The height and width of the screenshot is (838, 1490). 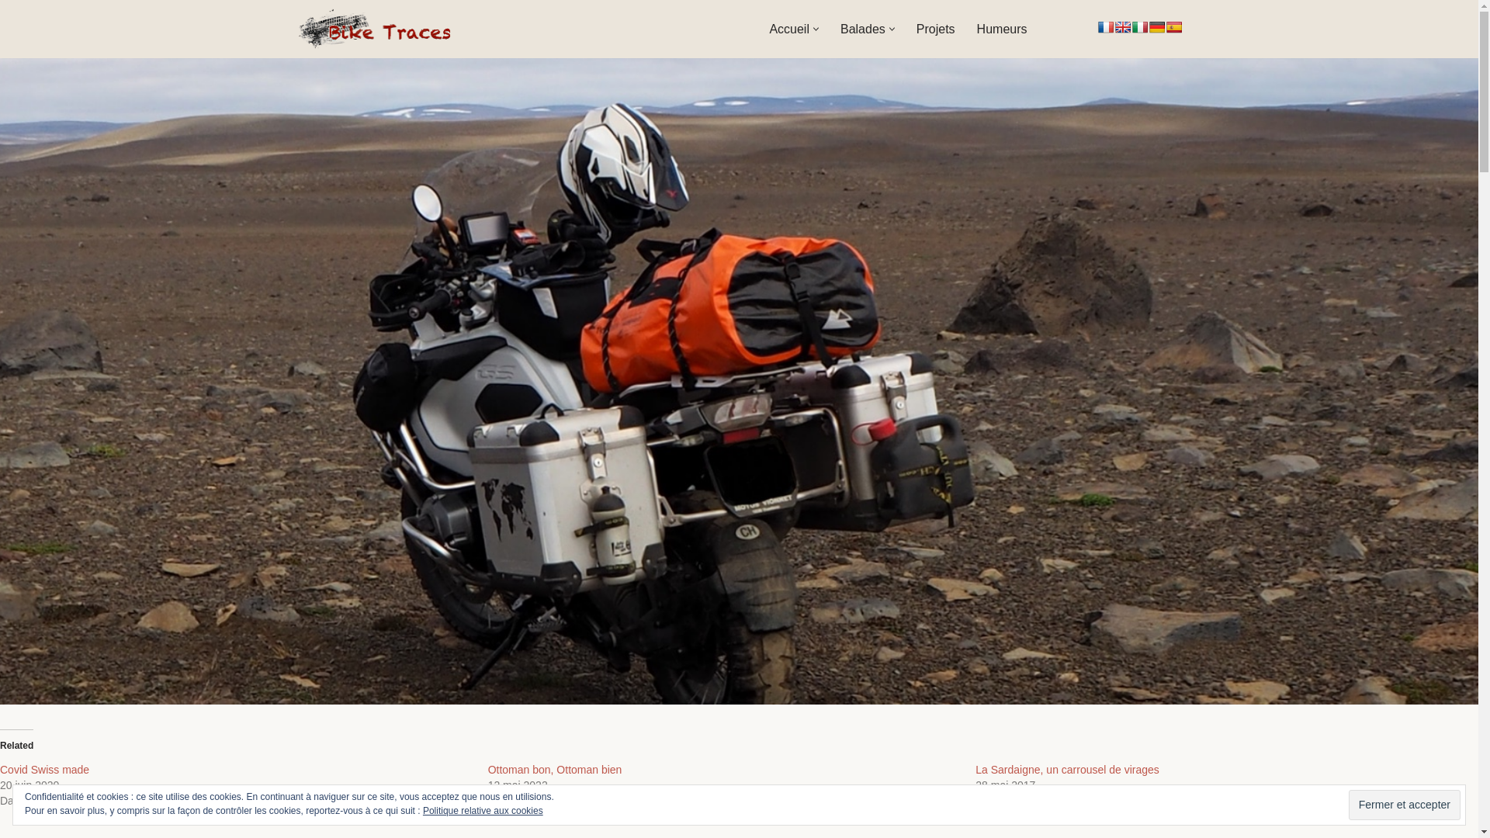 I want to click on 'Ottoman bon, Ottoman bien', so click(x=555, y=769).